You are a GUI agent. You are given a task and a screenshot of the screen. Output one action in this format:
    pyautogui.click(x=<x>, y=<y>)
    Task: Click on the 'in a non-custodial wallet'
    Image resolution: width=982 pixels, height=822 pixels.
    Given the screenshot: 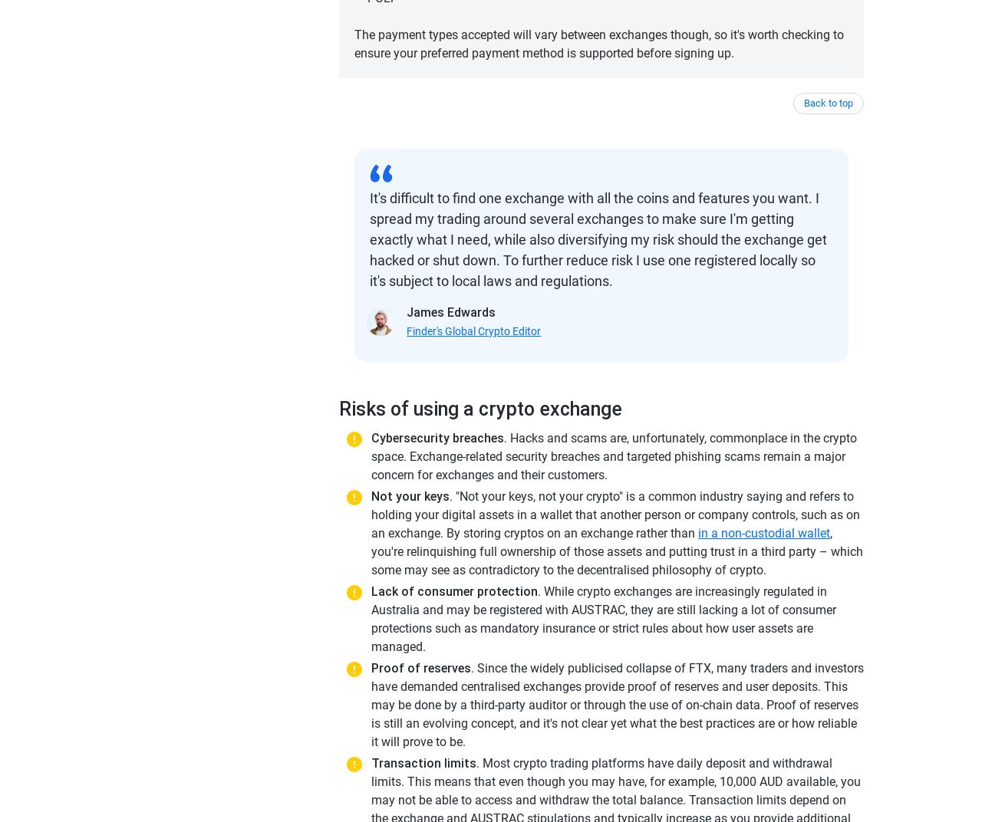 What is the action you would take?
    pyautogui.click(x=763, y=532)
    